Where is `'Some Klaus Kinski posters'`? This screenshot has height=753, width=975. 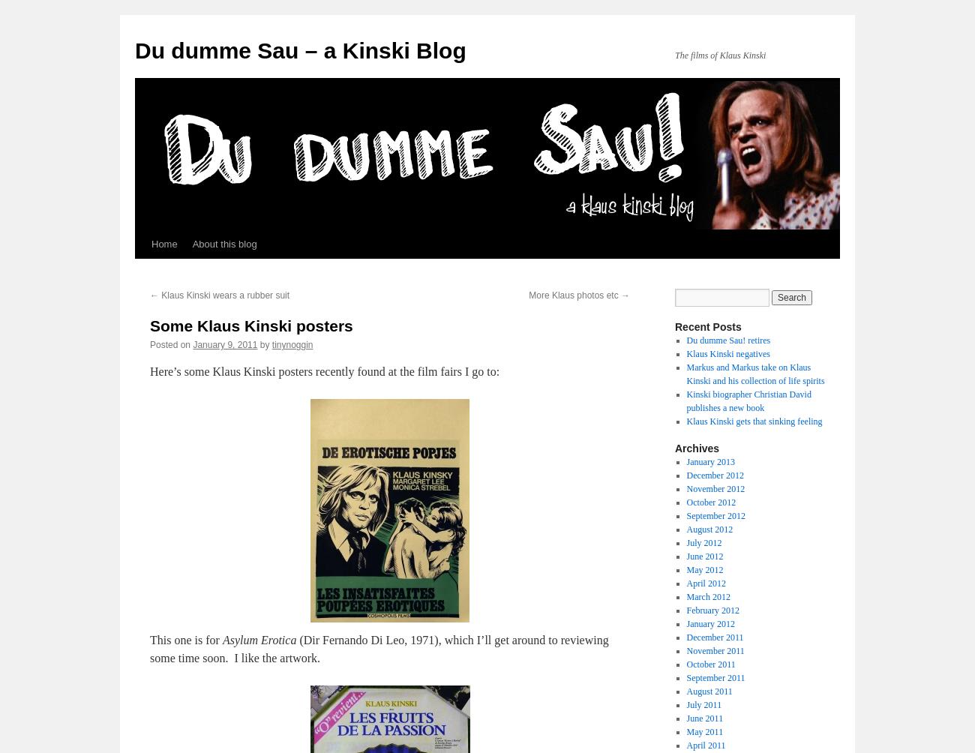
'Some Klaus Kinski posters' is located at coordinates (250, 325).